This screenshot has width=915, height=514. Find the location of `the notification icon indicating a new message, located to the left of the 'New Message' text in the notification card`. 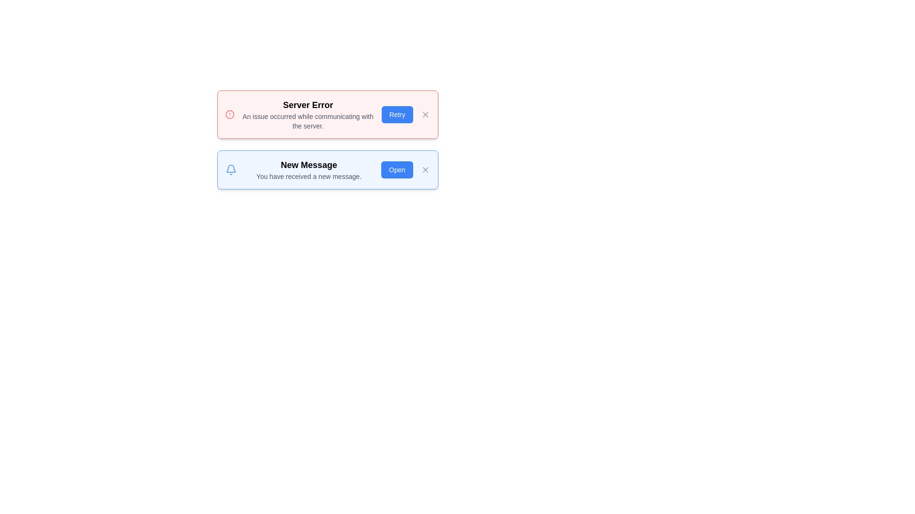

the notification icon indicating a new message, located to the left of the 'New Message' text in the notification card is located at coordinates (231, 169).